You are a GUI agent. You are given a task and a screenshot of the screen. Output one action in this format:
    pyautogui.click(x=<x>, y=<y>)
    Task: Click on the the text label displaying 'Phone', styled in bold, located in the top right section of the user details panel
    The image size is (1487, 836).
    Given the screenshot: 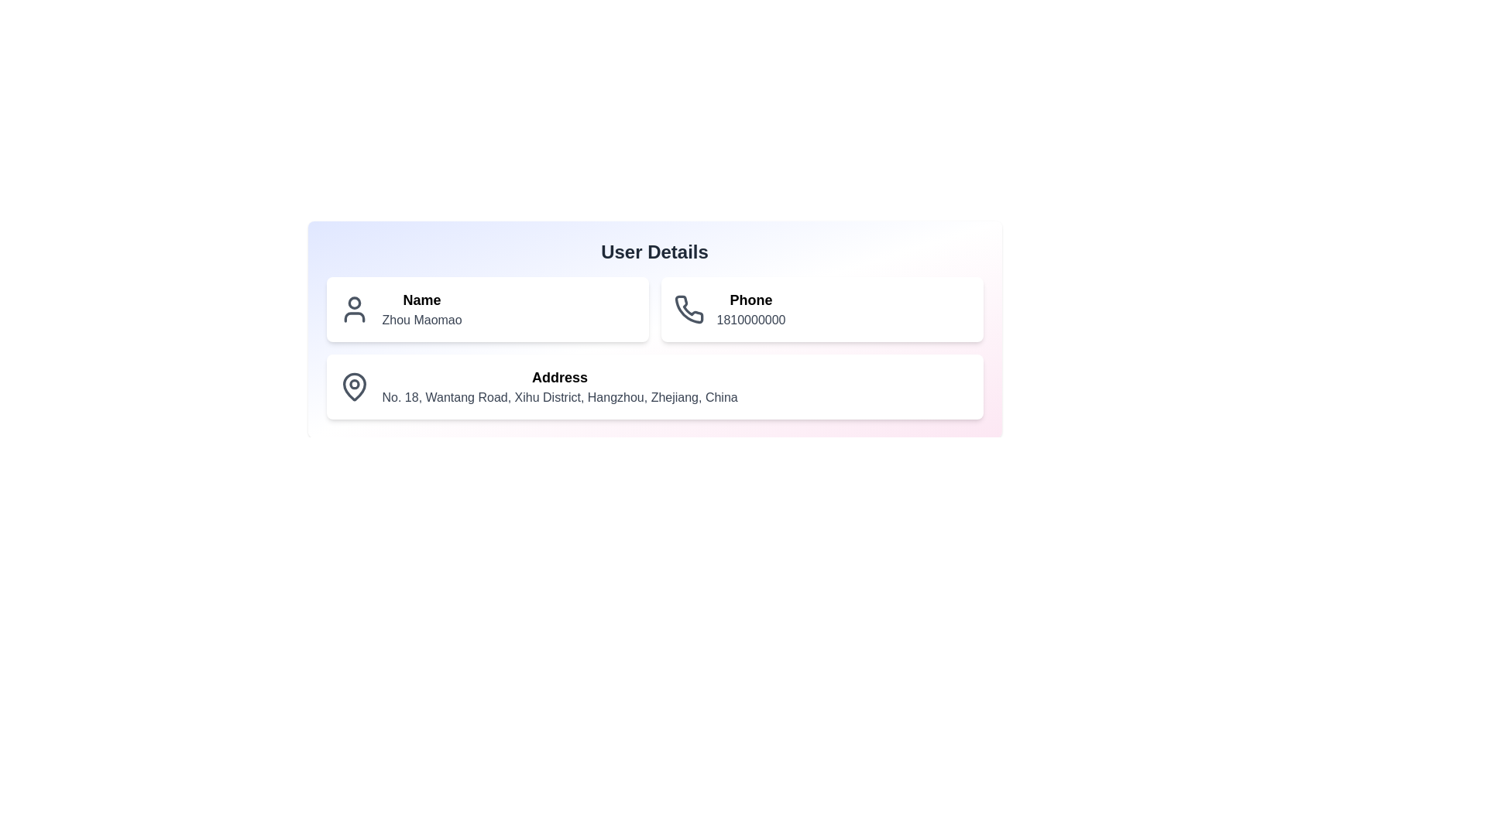 What is the action you would take?
    pyautogui.click(x=750, y=300)
    